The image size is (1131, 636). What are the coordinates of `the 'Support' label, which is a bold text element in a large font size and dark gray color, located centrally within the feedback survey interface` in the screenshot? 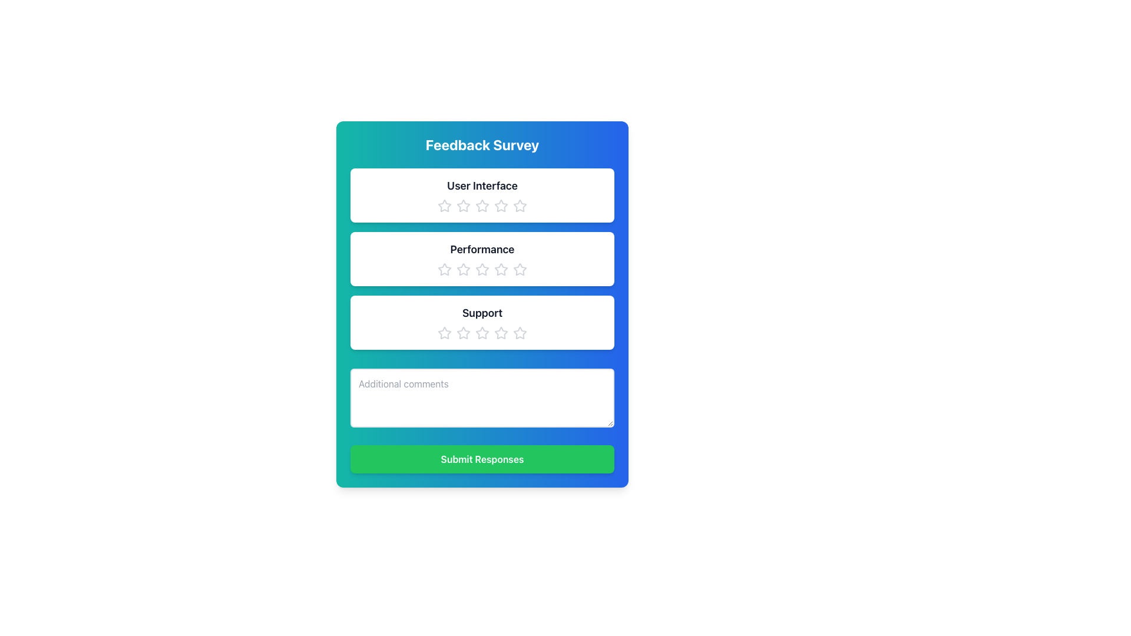 It's located at (482, 313).